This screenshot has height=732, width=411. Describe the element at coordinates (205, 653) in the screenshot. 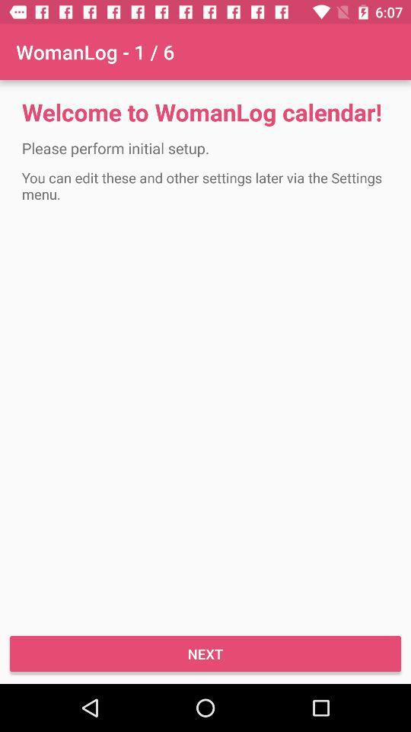

I see `the next icon` at that location.